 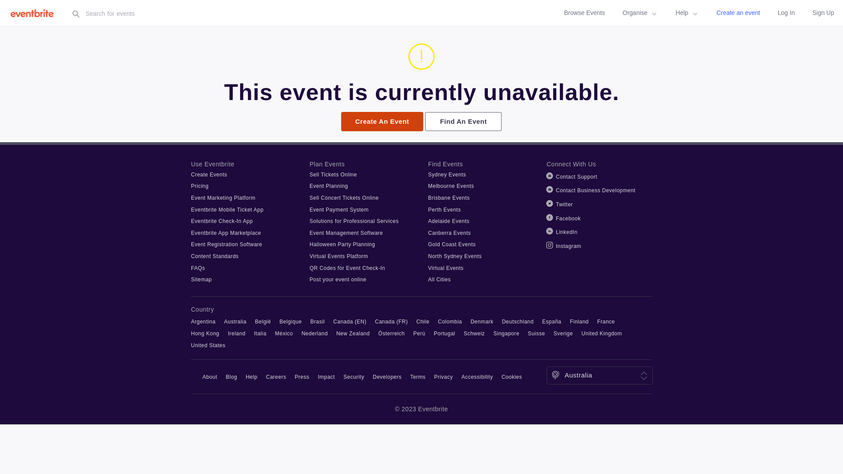 I want to click on 'Terms', so click(x=417, y=377).